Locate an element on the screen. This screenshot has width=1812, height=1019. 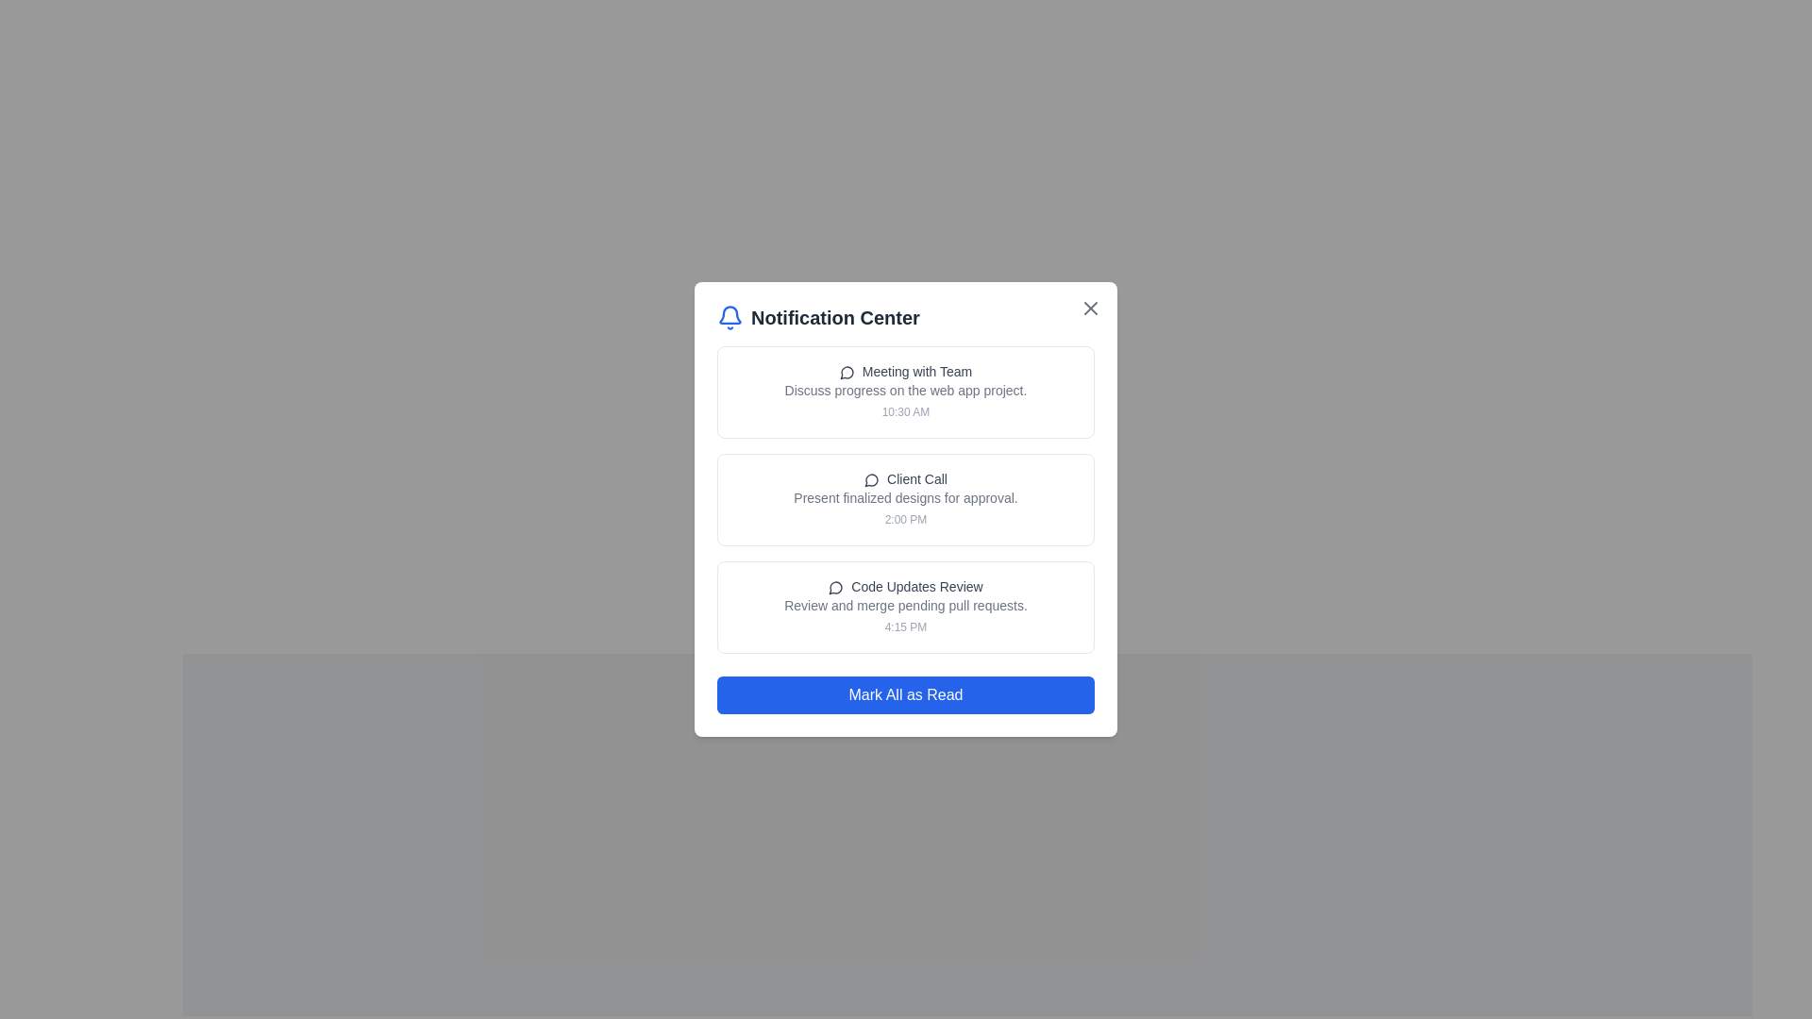
text label that says 'Meeting with Team' located at the top section of the notification list in the Notification Center popup is located at coordinates (906, 371).